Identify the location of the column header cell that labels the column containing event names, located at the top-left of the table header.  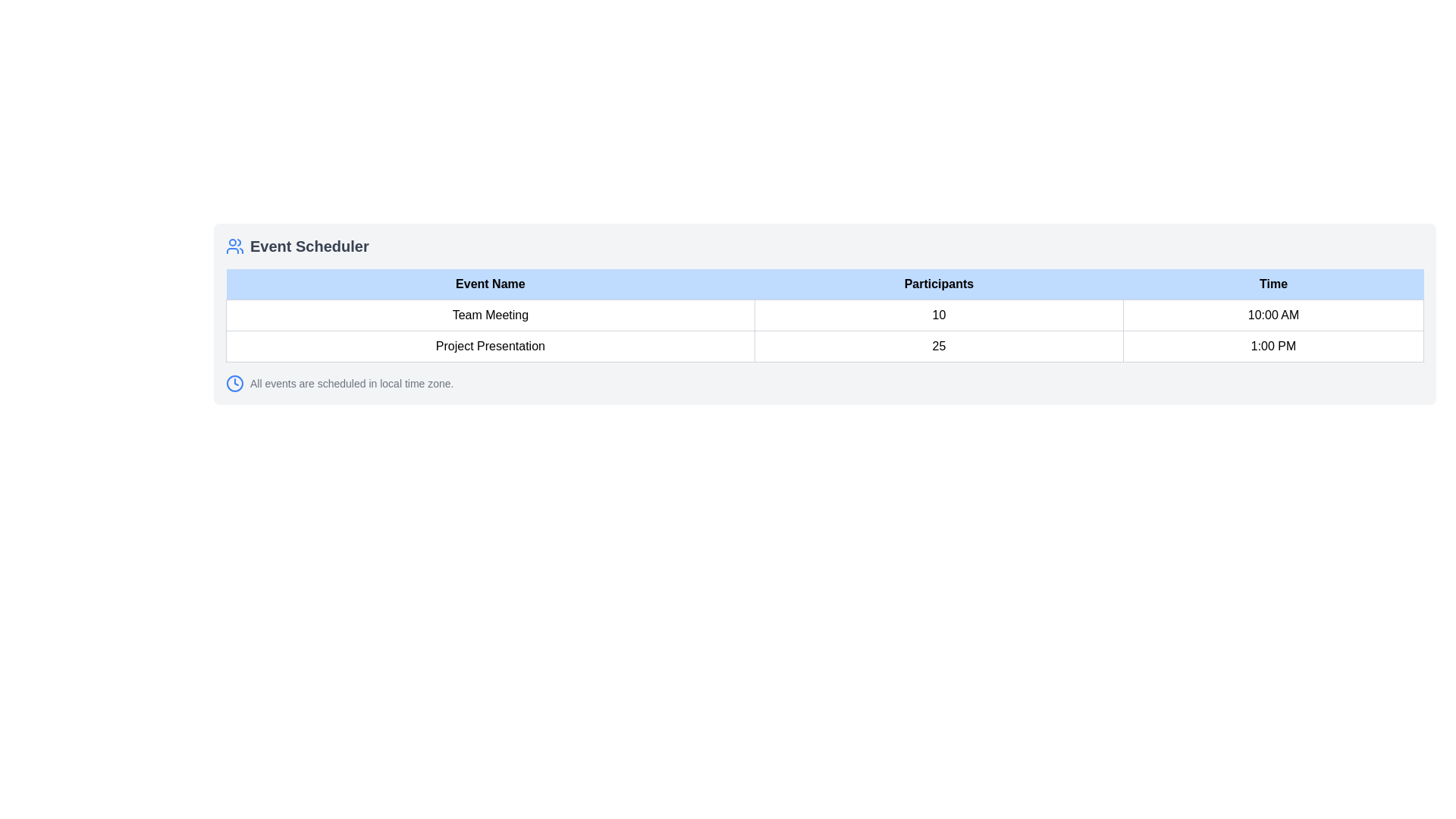
(490, 284).